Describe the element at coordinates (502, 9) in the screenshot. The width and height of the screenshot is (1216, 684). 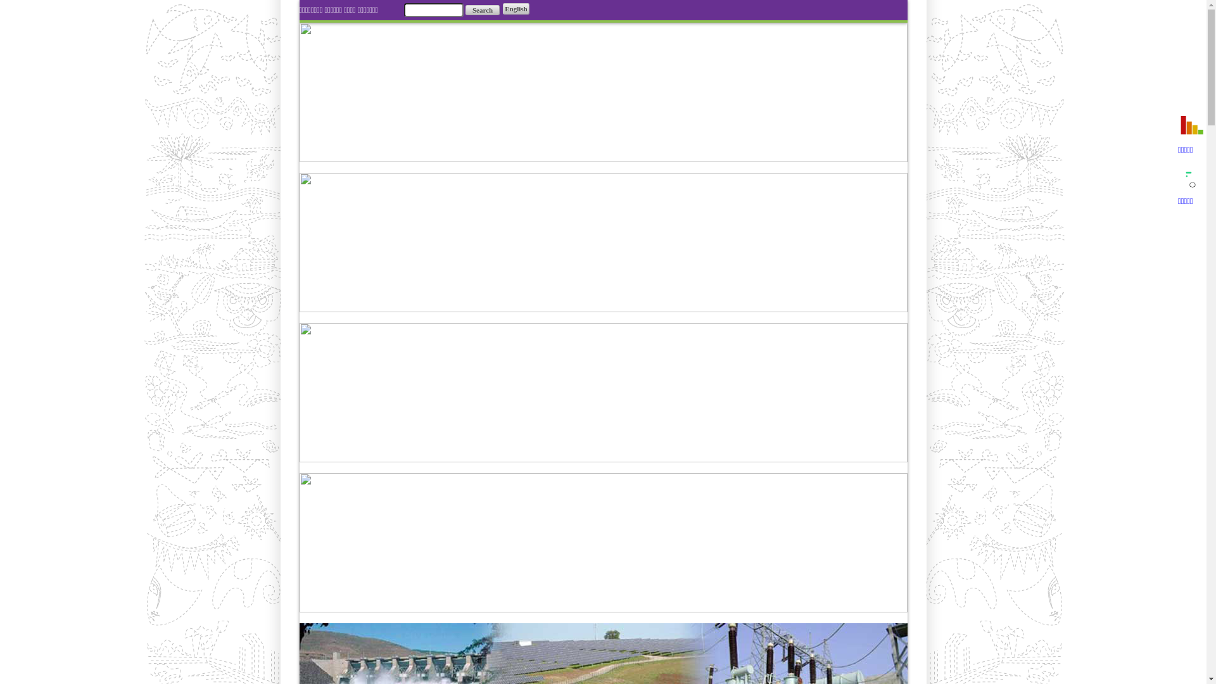
I see `'English'` at that location.